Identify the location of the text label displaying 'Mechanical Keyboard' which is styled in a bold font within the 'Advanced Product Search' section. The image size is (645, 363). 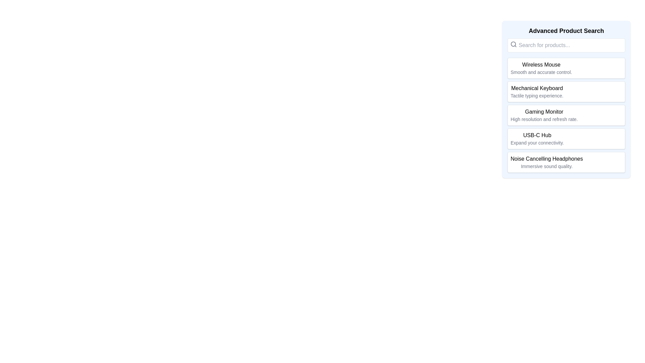
(536, 88).